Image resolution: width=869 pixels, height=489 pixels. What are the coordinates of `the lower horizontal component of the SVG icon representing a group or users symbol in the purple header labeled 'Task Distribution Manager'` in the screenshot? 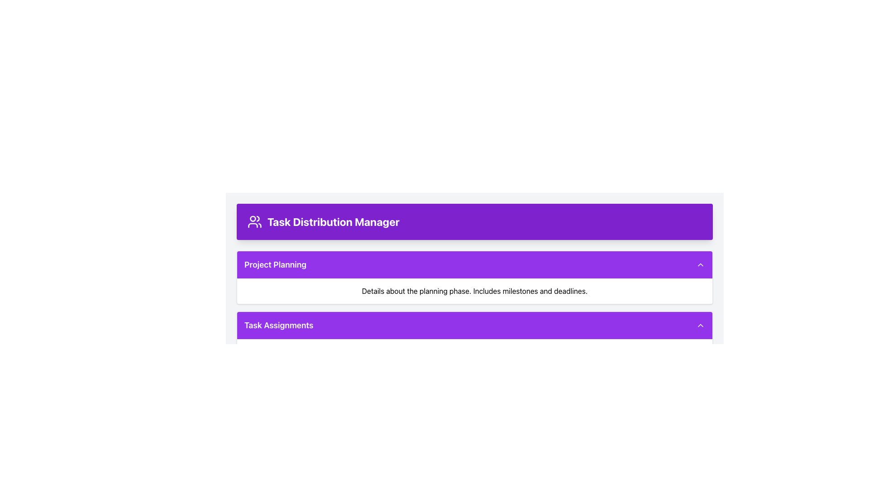 It's located at (253, 225).